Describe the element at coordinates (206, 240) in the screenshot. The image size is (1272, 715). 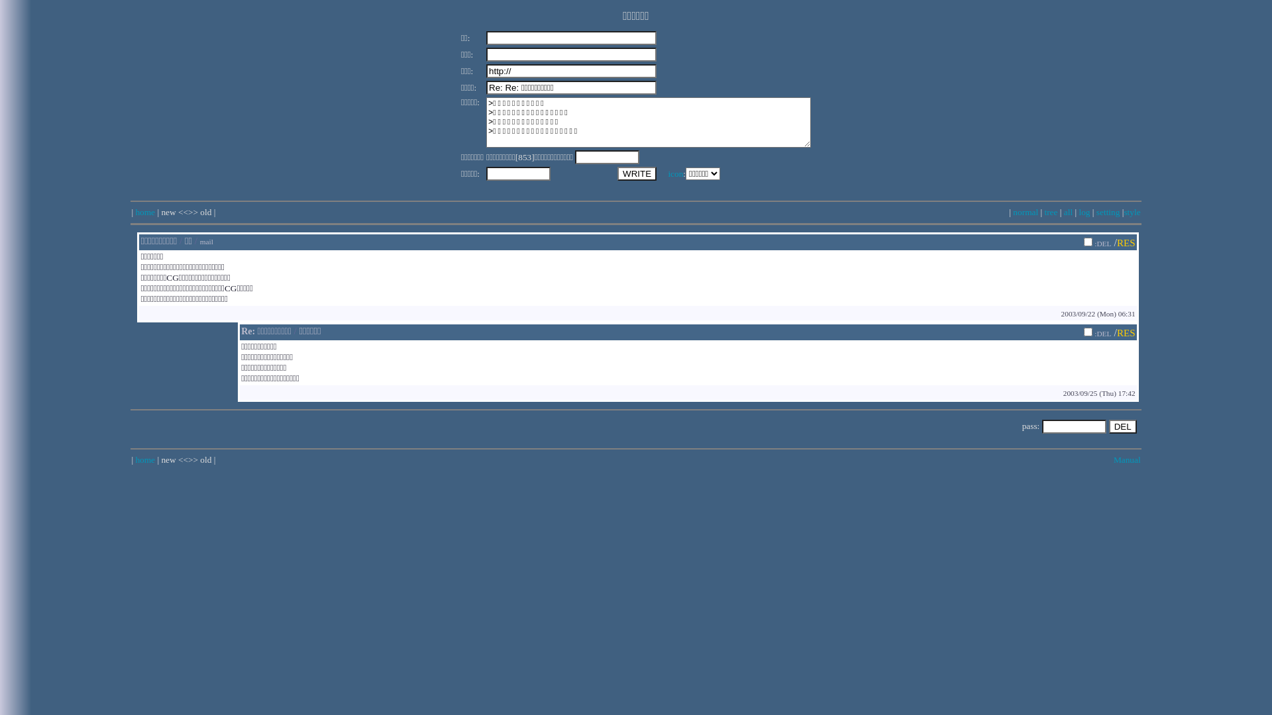
I see `'mail'` at that location.